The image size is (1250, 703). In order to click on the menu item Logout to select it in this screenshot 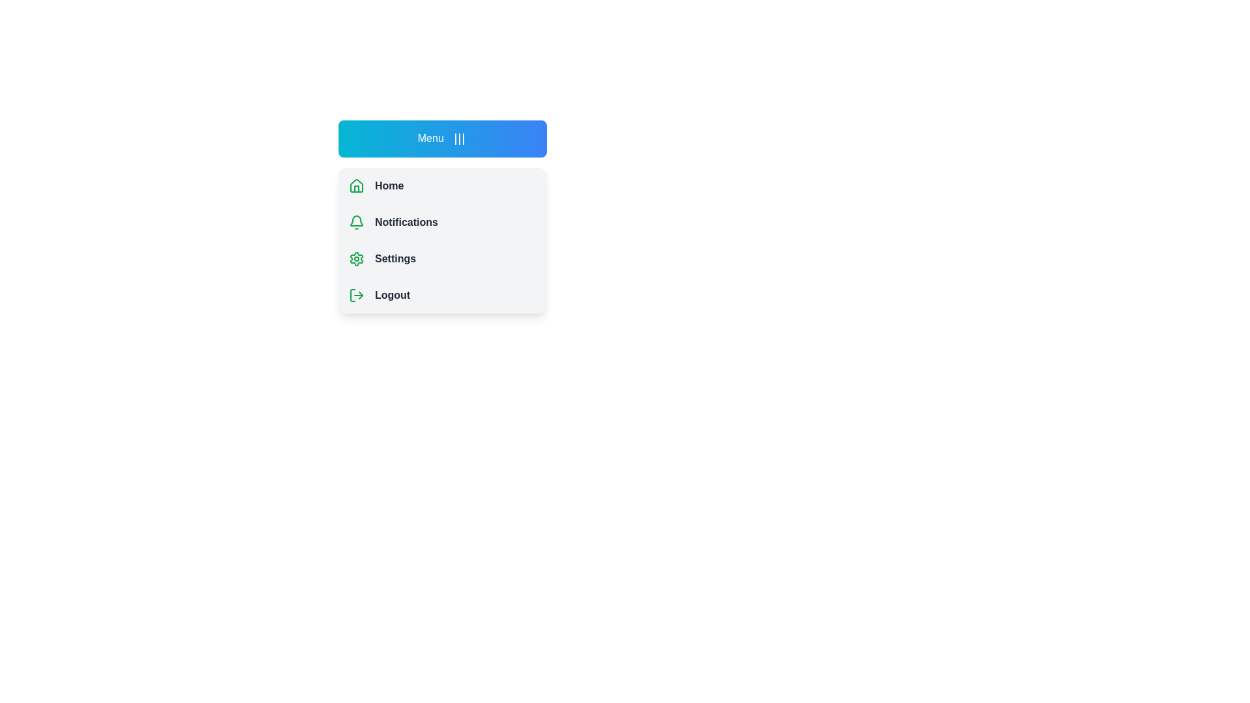, I will do `click(443, 295)`.